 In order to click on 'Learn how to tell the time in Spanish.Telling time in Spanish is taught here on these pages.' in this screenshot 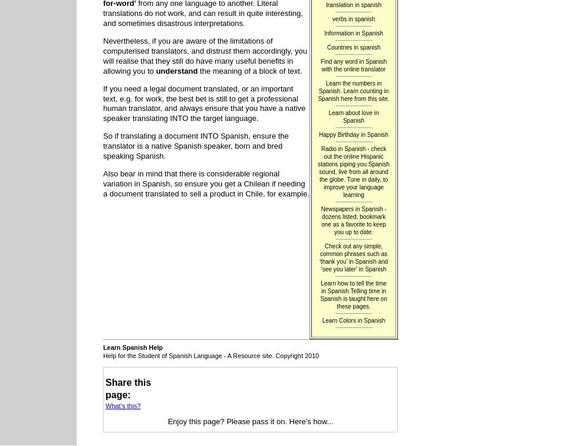, I will do `click(320, 294)`.